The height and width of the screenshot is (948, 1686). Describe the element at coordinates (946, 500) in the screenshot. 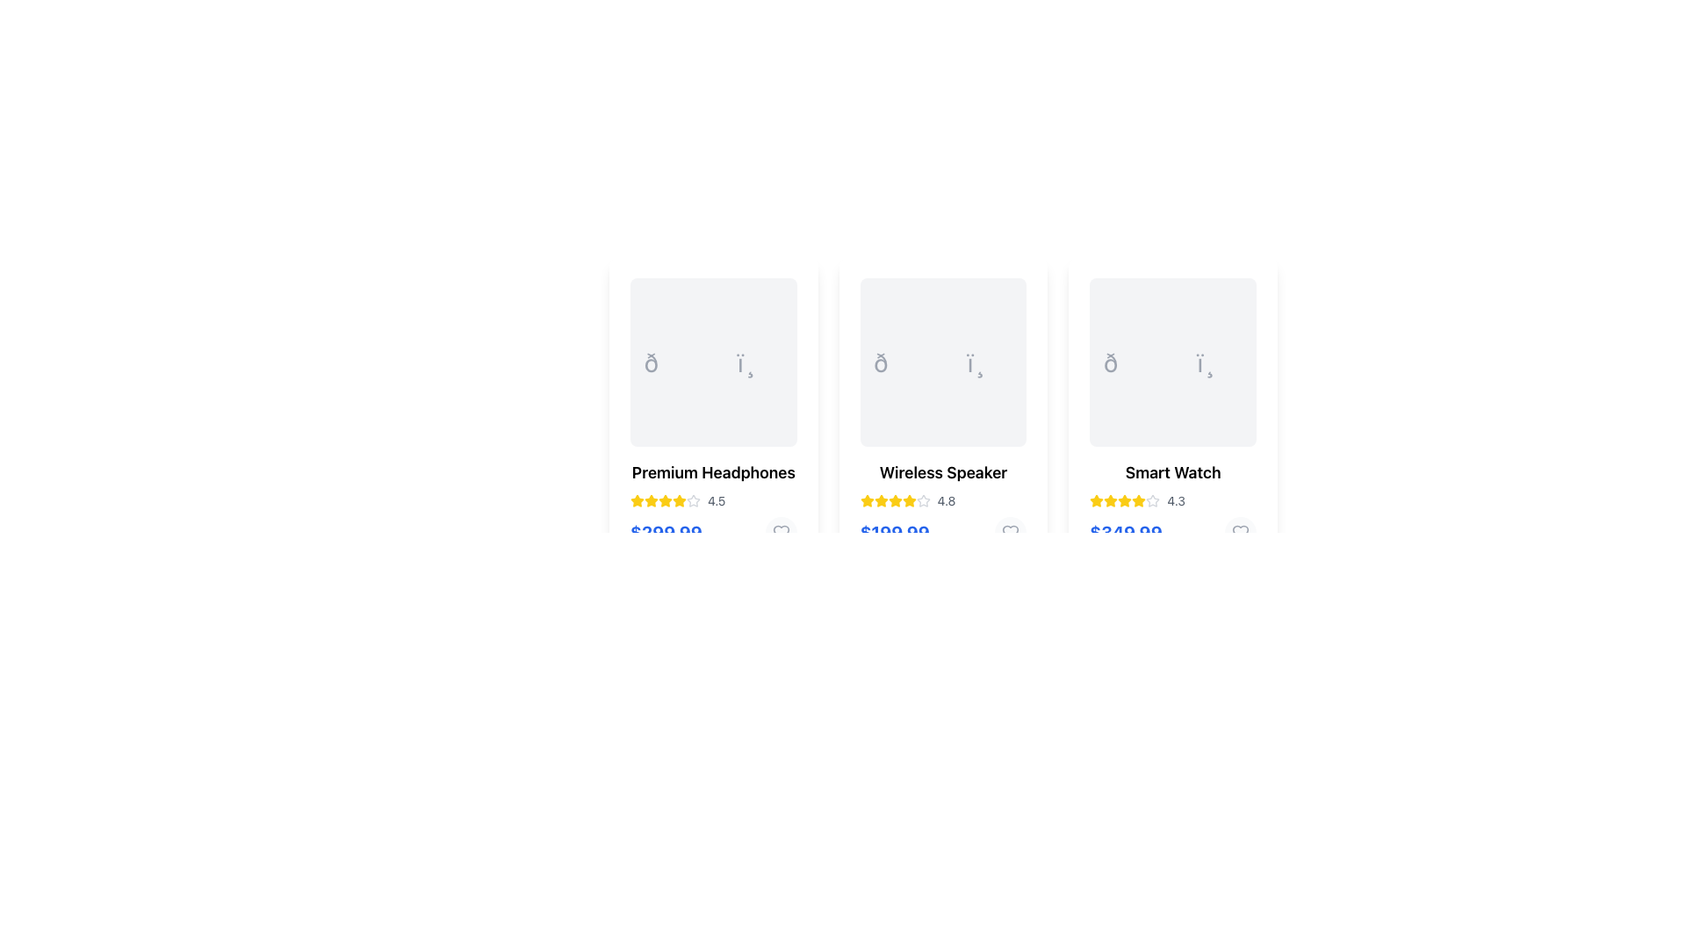

I see `the numerical rating score for the 'Wireless Speaker' located to the right of the yellow star icons` at that location.